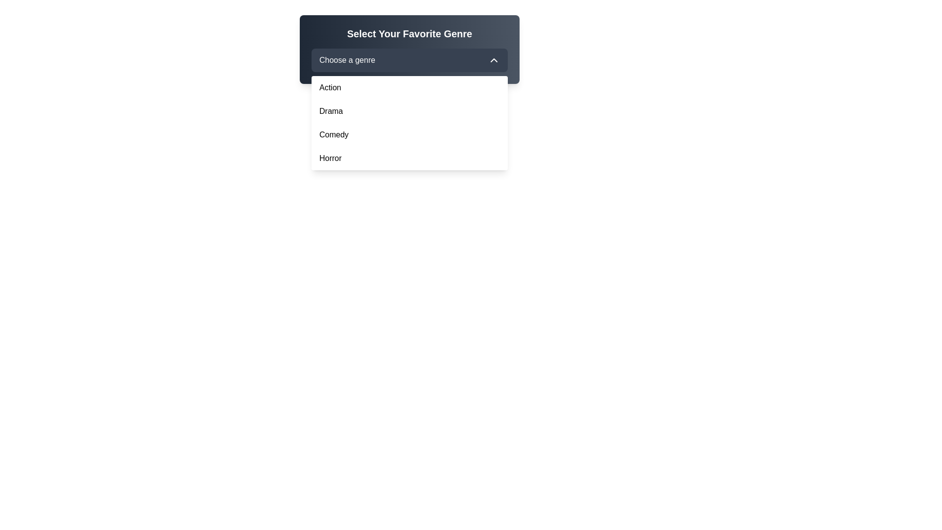 This screenshot has width=942, height=530. Describe the element at coordinates (410, 134) in the screenshot. I see `the 'Comedy' category option in the dropdown menu` at that location.